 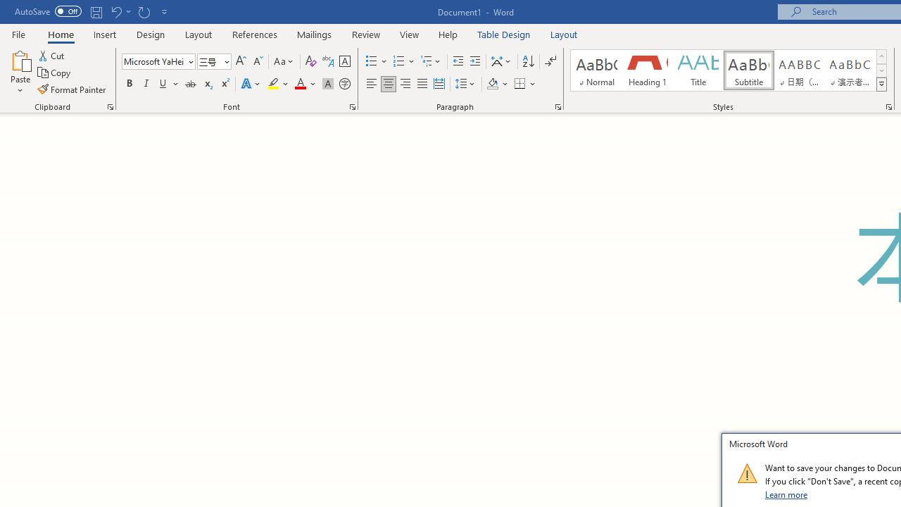 What do you see at coordinates (209, 61) in the screenshot?
I see `'Font Size'` at bounding box center [209, 61].